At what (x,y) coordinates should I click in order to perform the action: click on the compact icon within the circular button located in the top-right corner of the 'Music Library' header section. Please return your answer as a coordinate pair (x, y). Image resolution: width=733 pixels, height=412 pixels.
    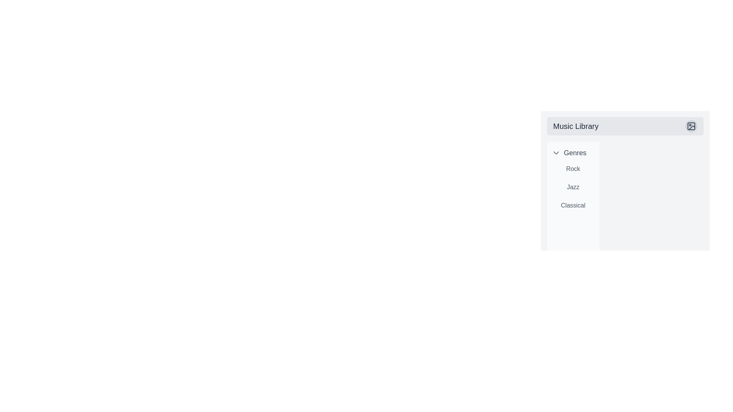
    Looking at the image, I should click on (691, 126).